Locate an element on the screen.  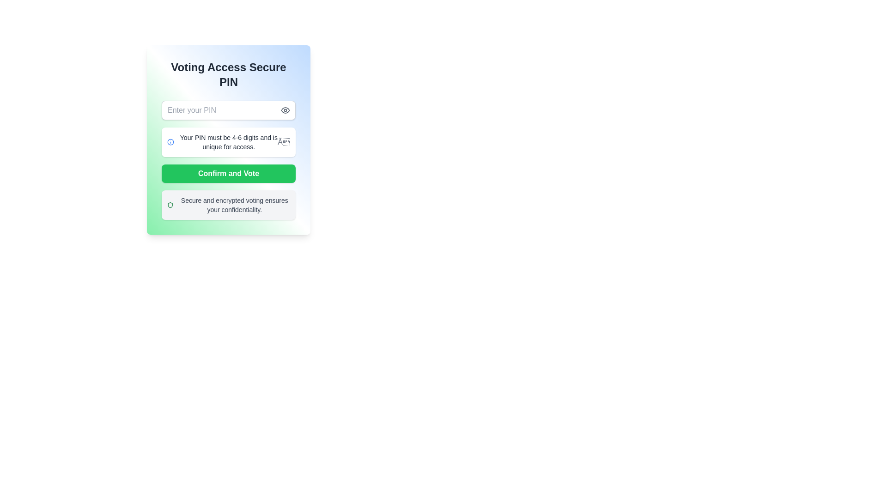
the green button labeled 'Confirm and Vote' located in the middle section of the card layout to confirm and submit the vote is located at coordinates (228, 173).